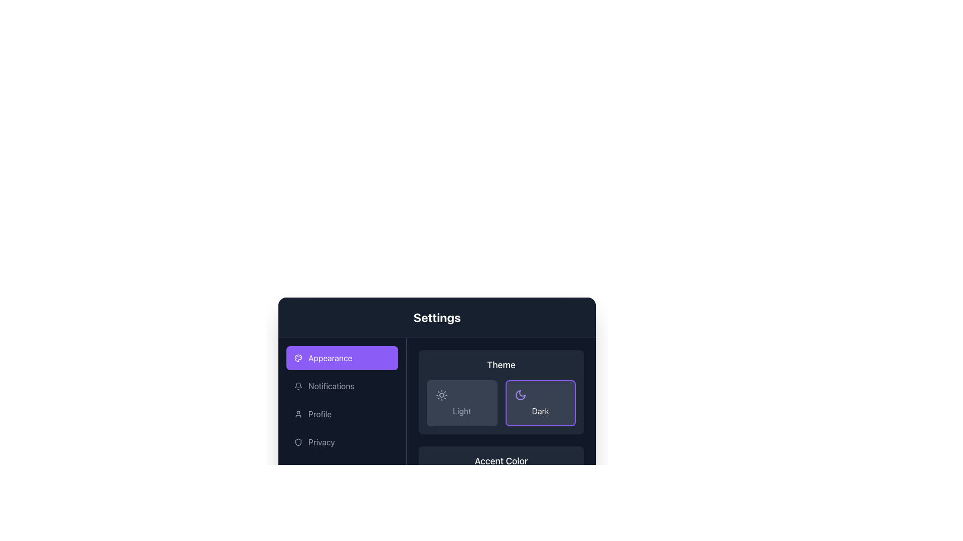 The width and height of the screenshot is (963, 541). Describe the element at coordinates (298, 385) in the screenshot. I see `the bell-shaped icon element that resembles a notification symbol located at the top corner of the settings panel` at that location.